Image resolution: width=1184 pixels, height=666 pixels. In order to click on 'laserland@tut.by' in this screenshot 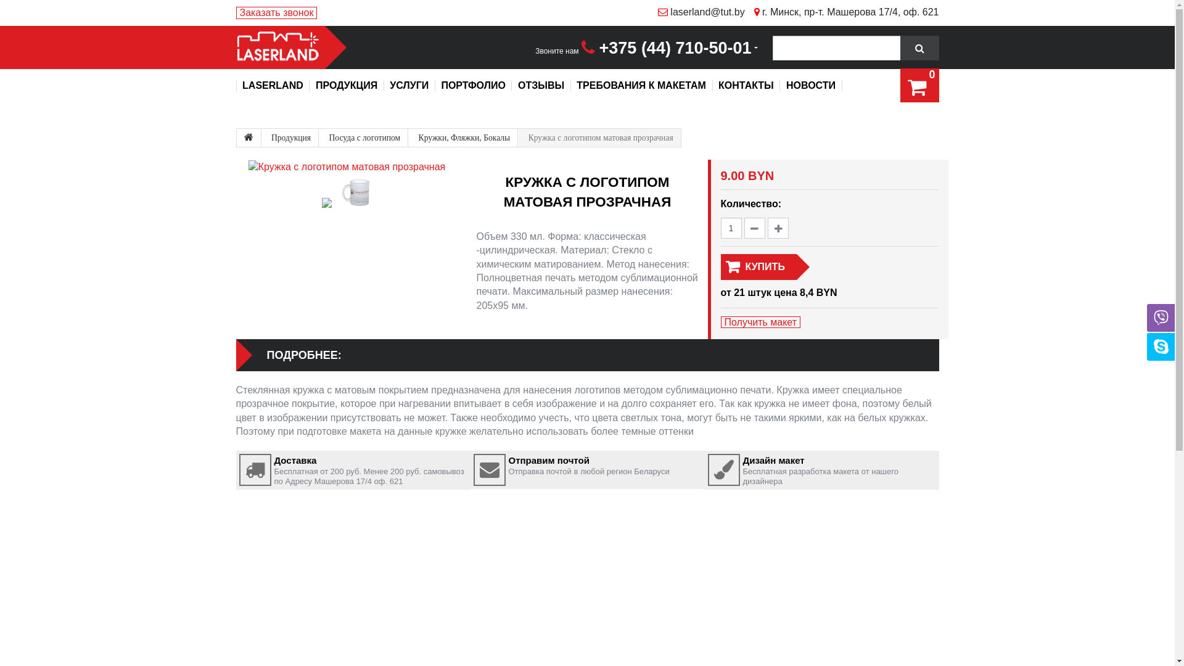, I will do `click(647, 12)`.